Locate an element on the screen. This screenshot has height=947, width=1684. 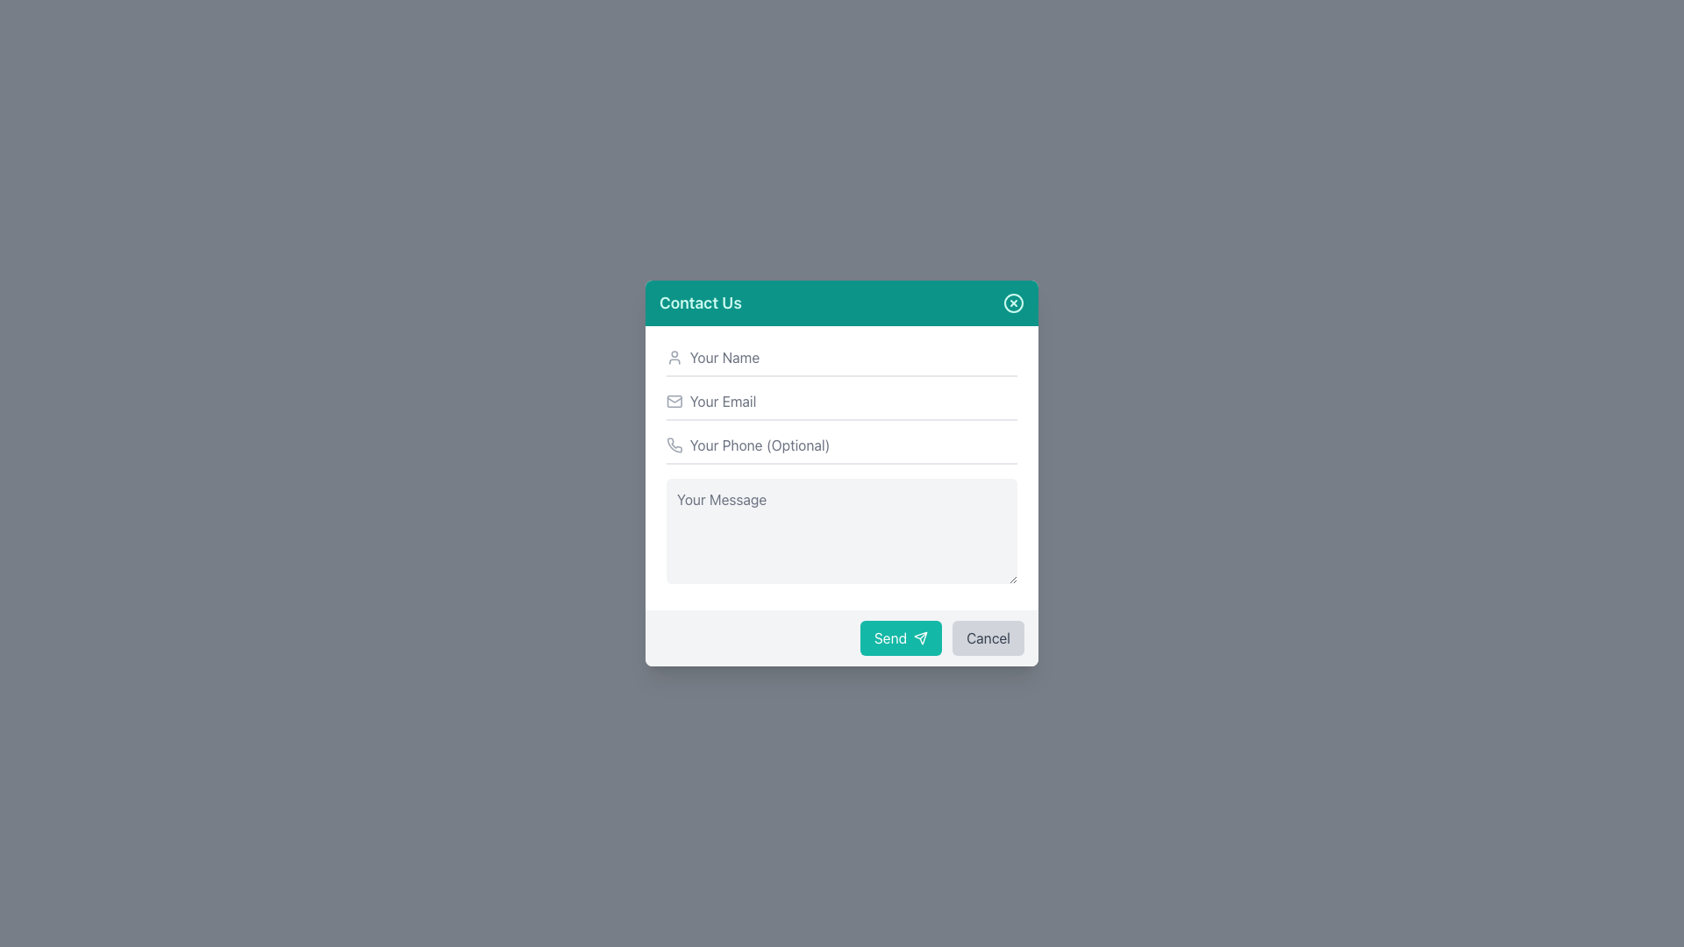
the circular close button with a white stroke located at the top-right corner of the 'Contact Us' green header bar is located at coordinates (1014, 303).